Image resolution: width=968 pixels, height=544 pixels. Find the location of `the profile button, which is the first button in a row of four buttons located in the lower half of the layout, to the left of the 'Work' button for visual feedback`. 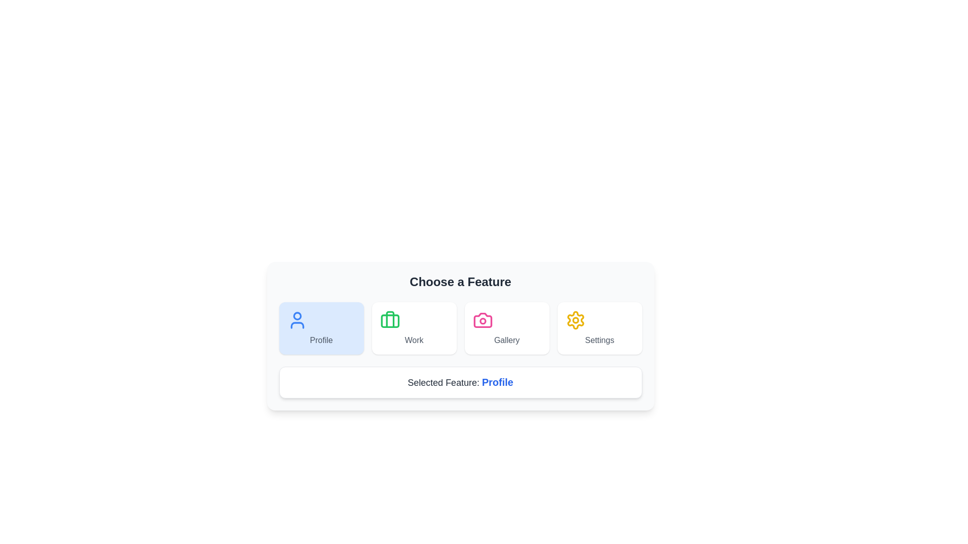

the profile button, which is the first button in a row of four buttons located in the lower half of the layout, to the left of the 'Work' button for visual feedback is located at coordinates (321, 328).